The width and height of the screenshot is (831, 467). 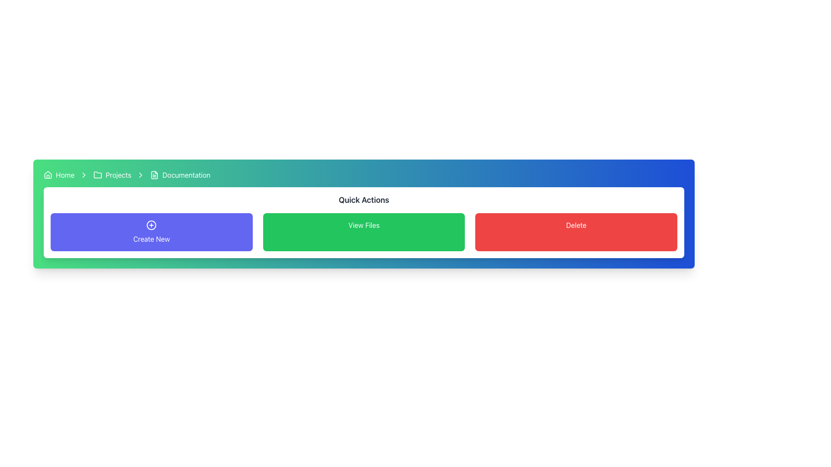 What do you see at coordinates (141, 175) in the screenshot?
I see `the second Chevron icon in the breadcrumb navigation bar, which separates 'Projects' and 'Documentation'` at bounding box center [141, 175].